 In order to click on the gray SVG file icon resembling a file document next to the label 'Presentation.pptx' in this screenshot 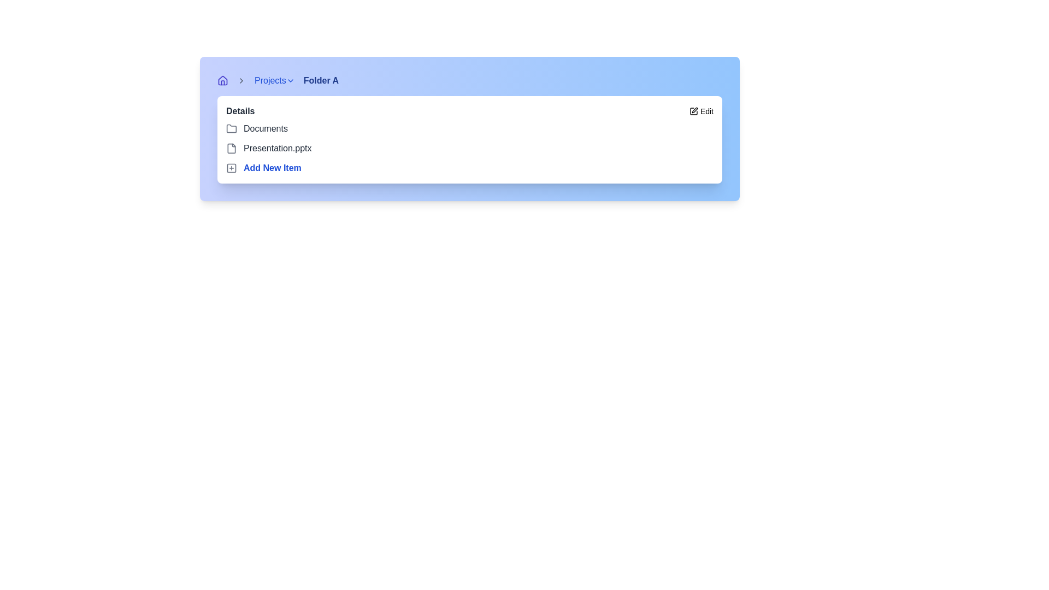, I will do `click(231, 149)`.